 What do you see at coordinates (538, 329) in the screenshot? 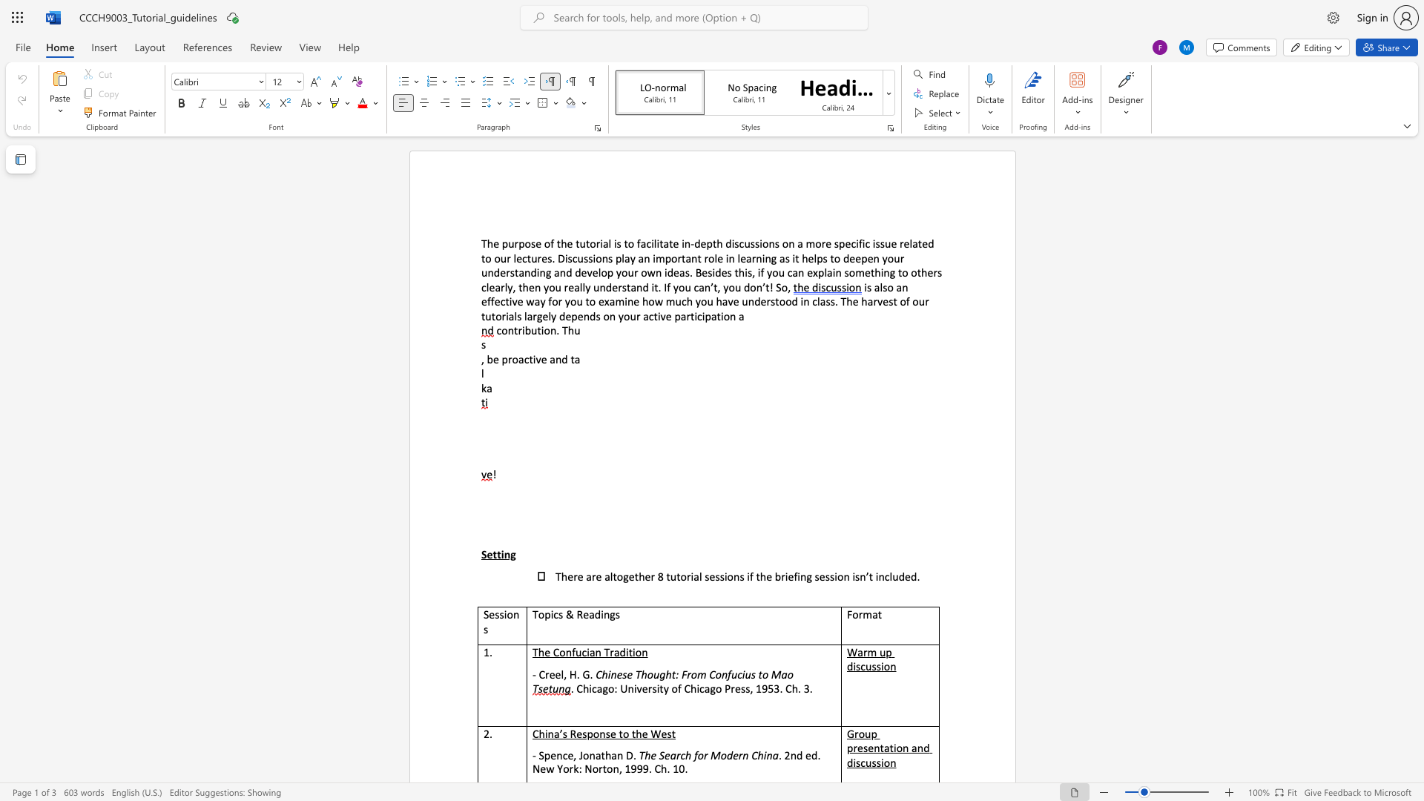
I see `the 2th character "t" in the text` at bounding box center [538, 329].